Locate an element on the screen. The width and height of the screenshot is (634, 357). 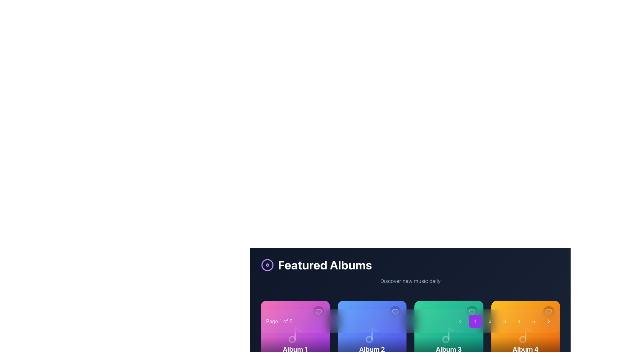
SVG icon representing a musical note within the orange card labeled 'Album 4' located in the top-right corner of the card is located at coordinates (528, 334).